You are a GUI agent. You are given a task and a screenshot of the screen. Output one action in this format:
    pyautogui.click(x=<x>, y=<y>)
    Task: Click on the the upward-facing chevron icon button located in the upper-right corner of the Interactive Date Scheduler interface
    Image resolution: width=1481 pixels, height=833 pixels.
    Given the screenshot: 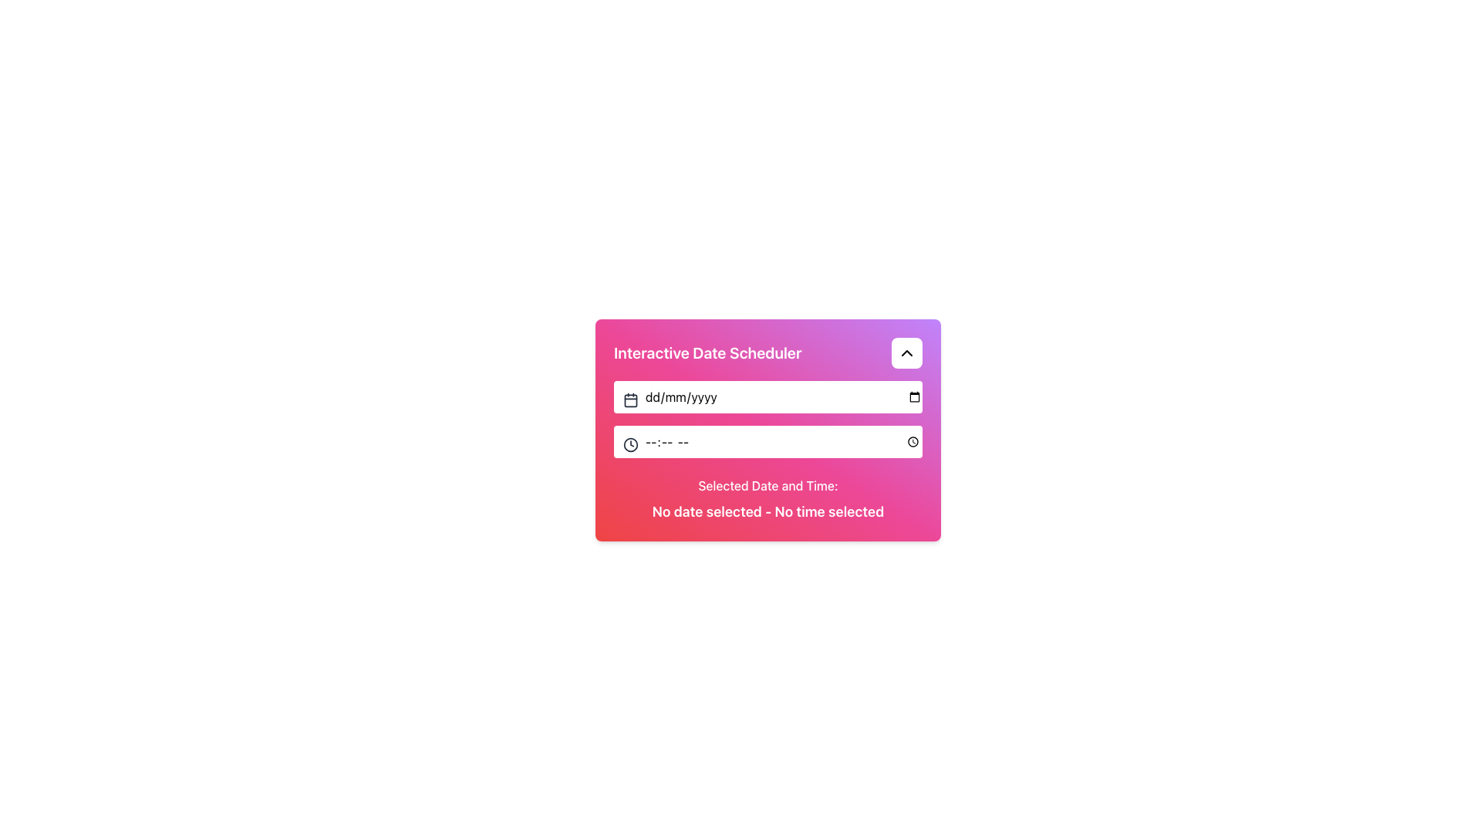 What is the action you would take?
    pyautogui.click(x=907, y=353)
    